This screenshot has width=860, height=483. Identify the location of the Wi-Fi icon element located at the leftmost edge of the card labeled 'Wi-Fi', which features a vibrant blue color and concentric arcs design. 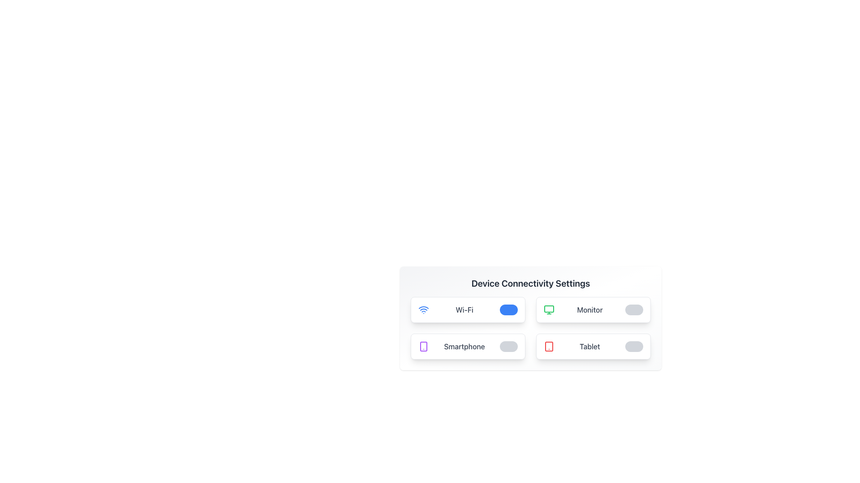
(423, 309).